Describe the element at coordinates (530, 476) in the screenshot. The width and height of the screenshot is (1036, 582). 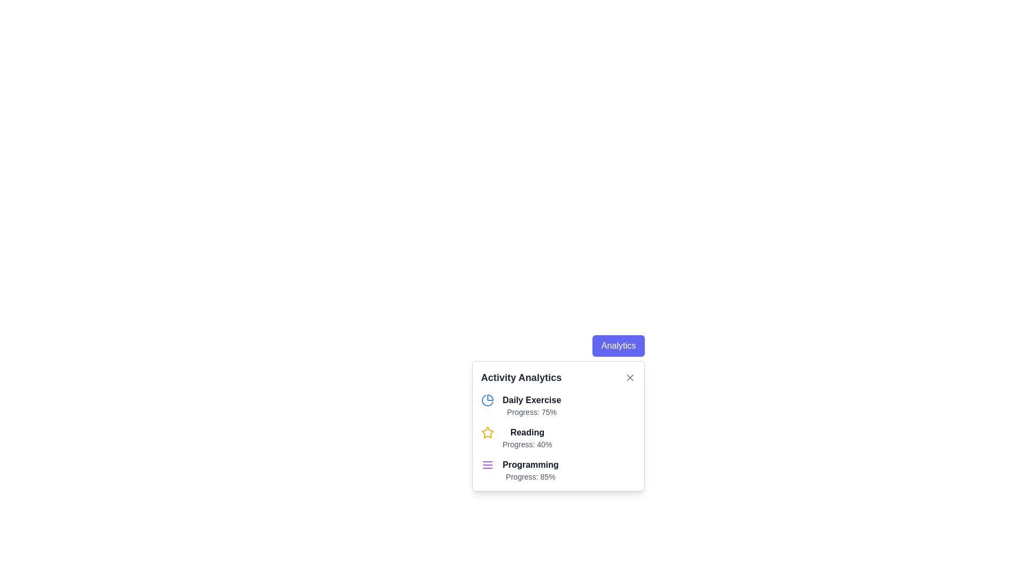
I see `text from the Text label displaying 'Progress: 85%' located beneath the 'Programming' label in the 'Activity Analytics' card` at that location.